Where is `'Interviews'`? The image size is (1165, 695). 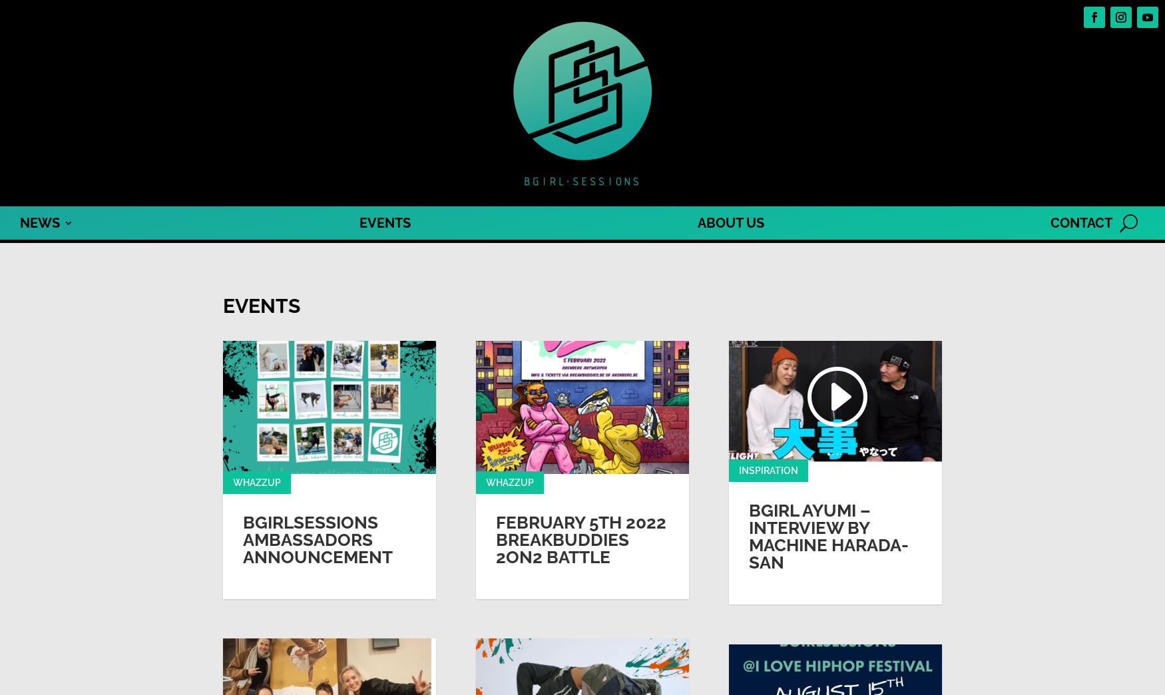
'Interviews' is located at coordinates (38, 314).